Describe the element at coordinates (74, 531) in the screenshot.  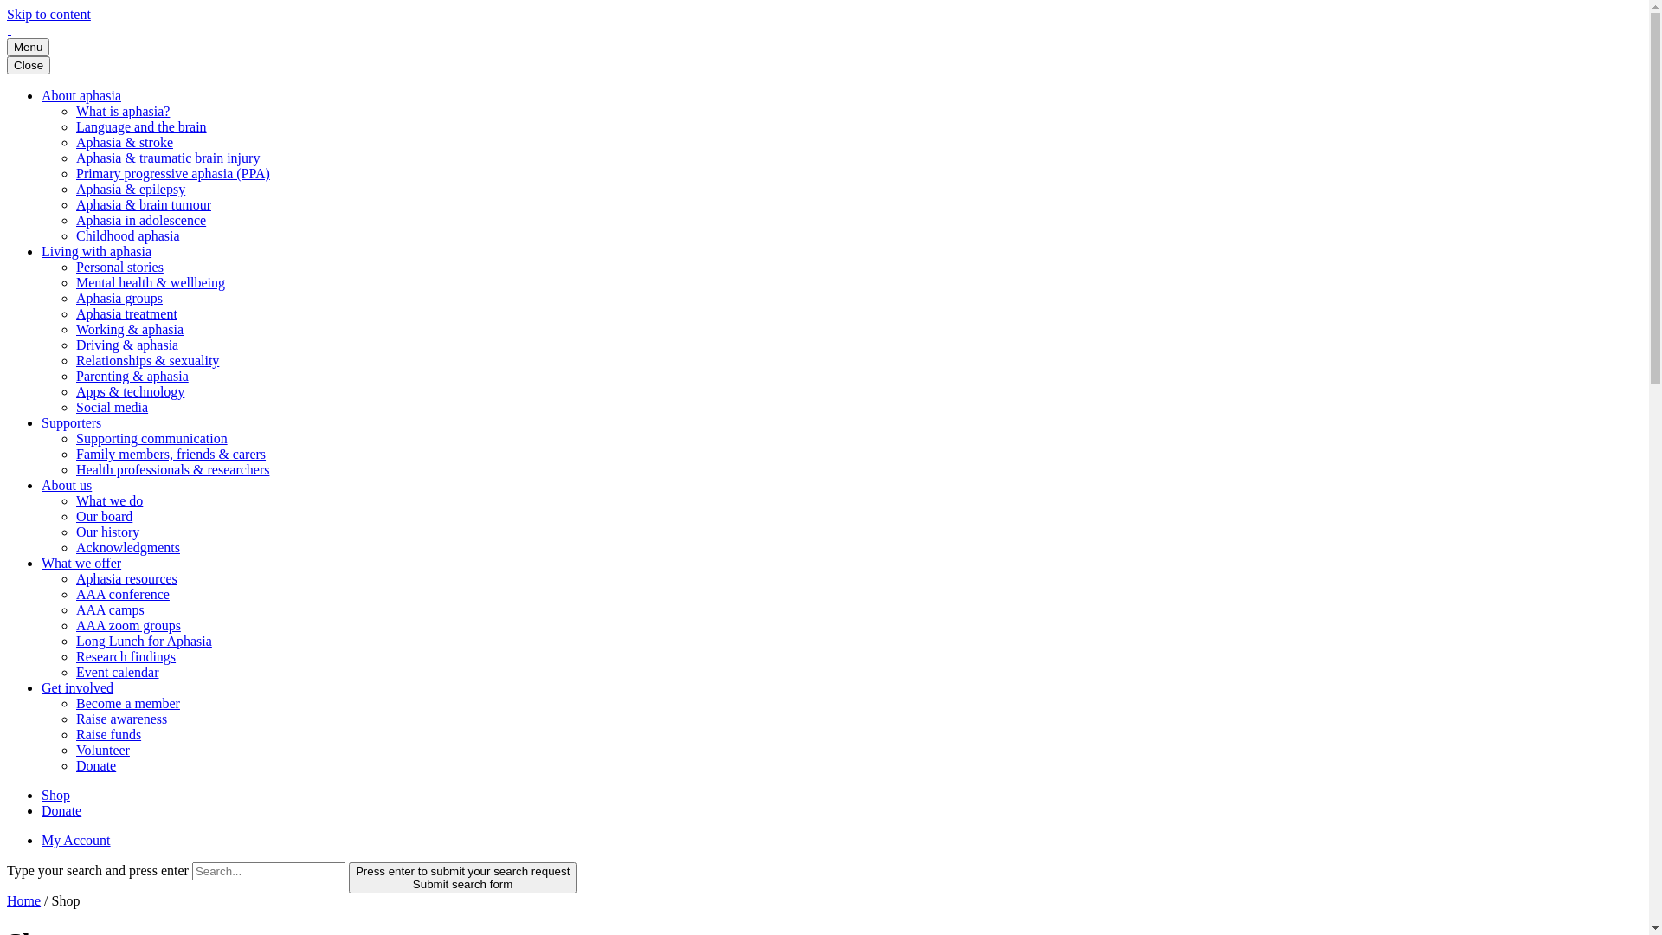
I see `'Our history'` at that location.